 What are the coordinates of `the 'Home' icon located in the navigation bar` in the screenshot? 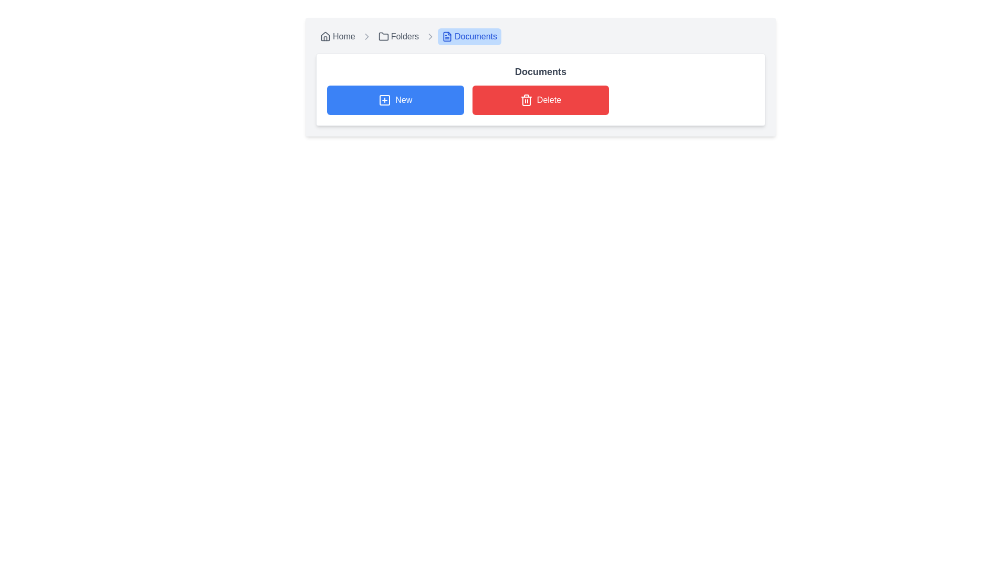 It's located at (324, 36).